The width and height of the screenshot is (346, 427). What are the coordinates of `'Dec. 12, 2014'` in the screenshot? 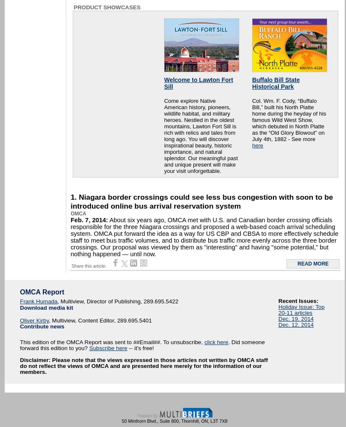 It's located at (296, 325).